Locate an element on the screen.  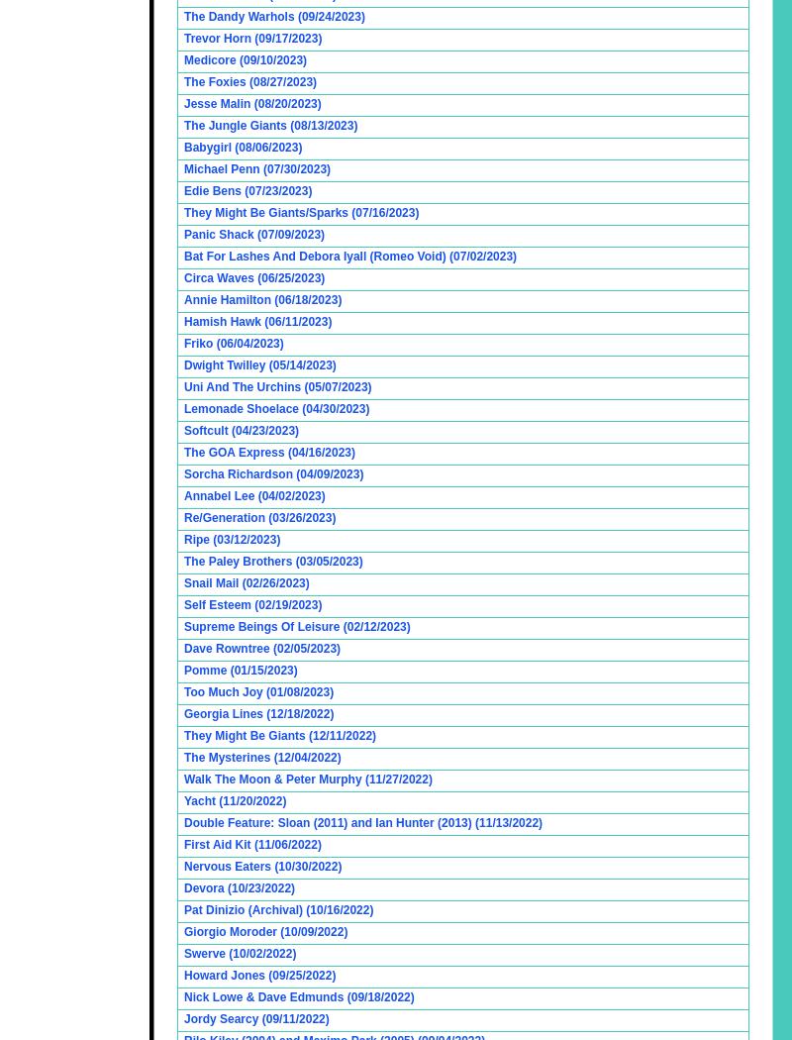
'First Aid Kit (11/06/2022)' is located at coordinates (251, 845).